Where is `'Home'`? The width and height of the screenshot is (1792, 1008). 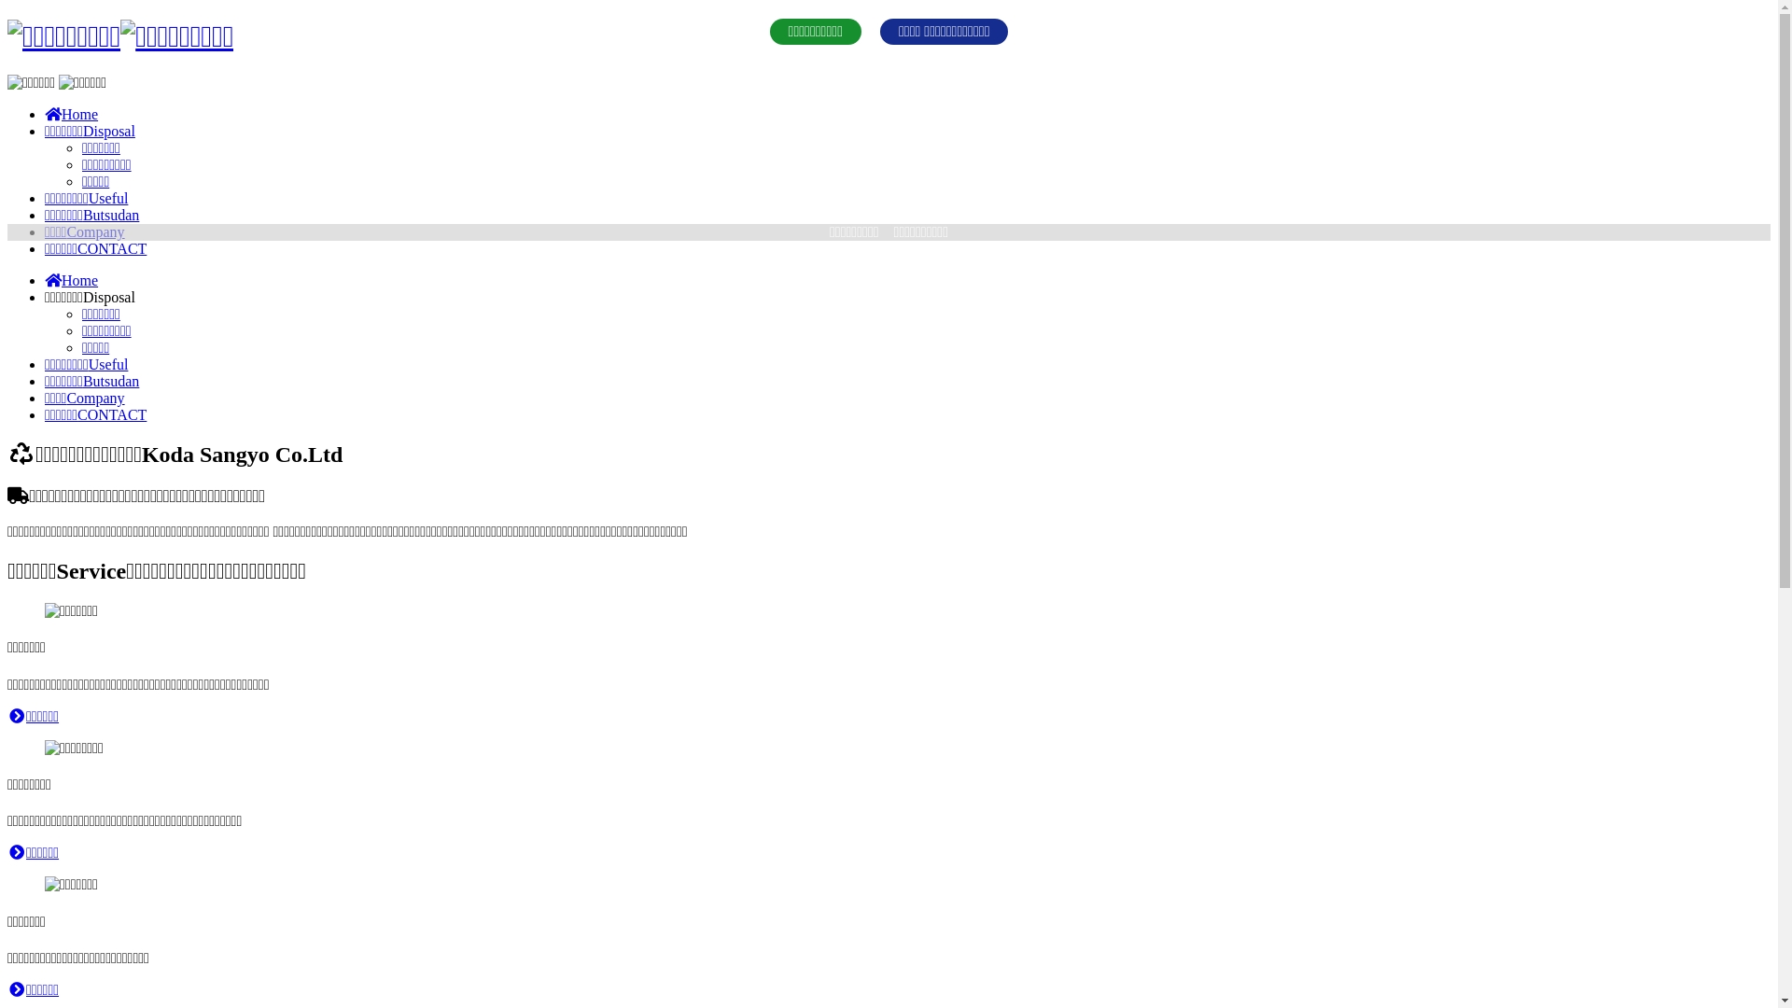
'Home' is located at coordinates (45, 280).